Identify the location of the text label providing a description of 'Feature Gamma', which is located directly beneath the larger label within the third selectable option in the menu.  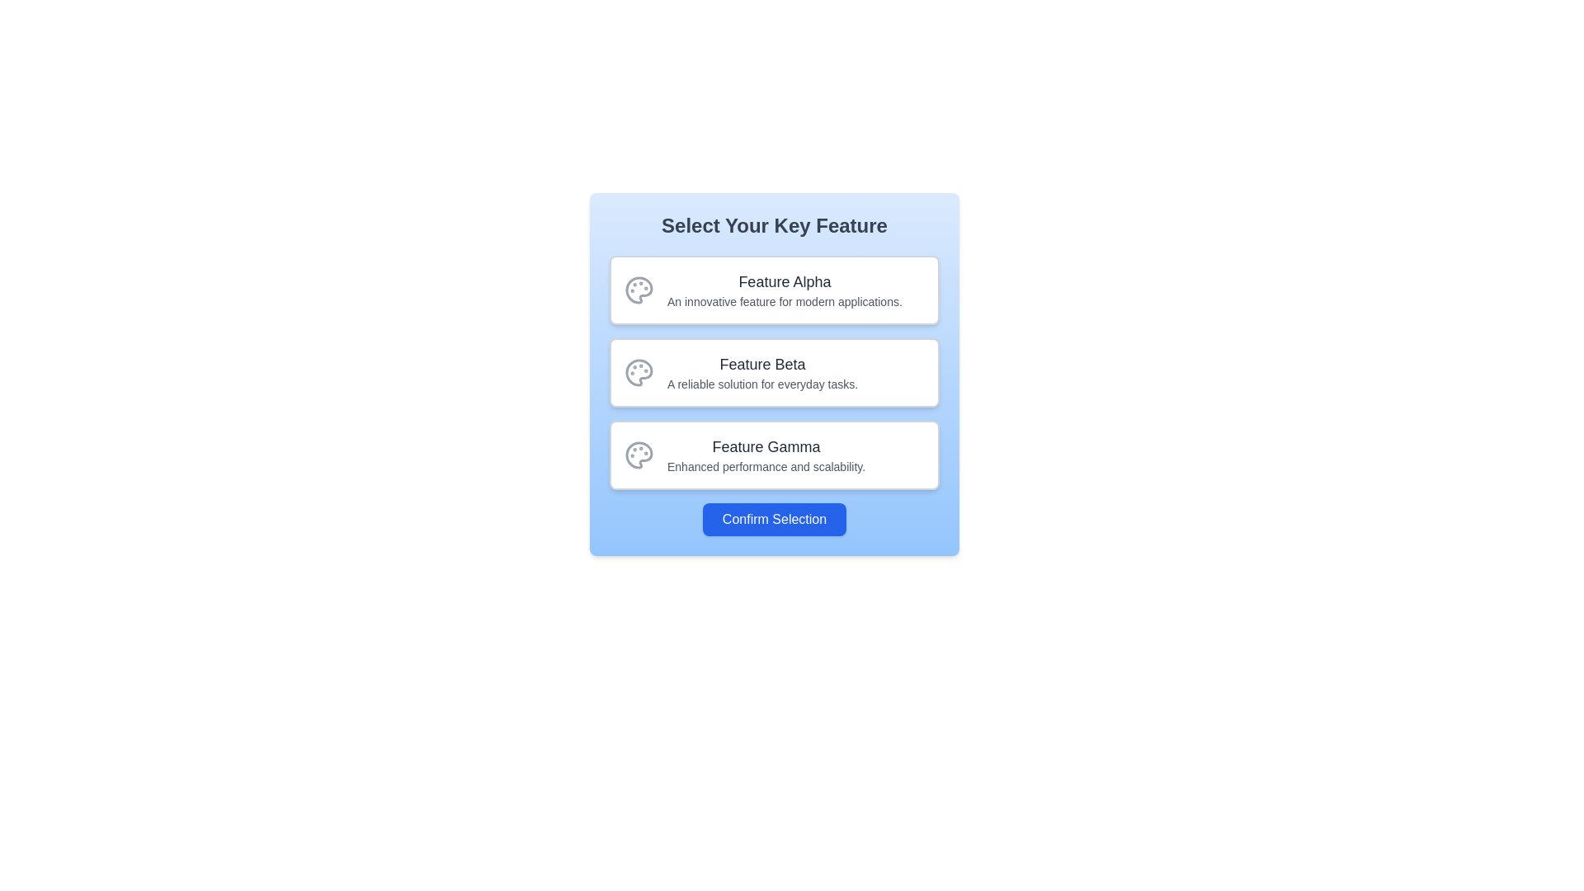
(766, 467).